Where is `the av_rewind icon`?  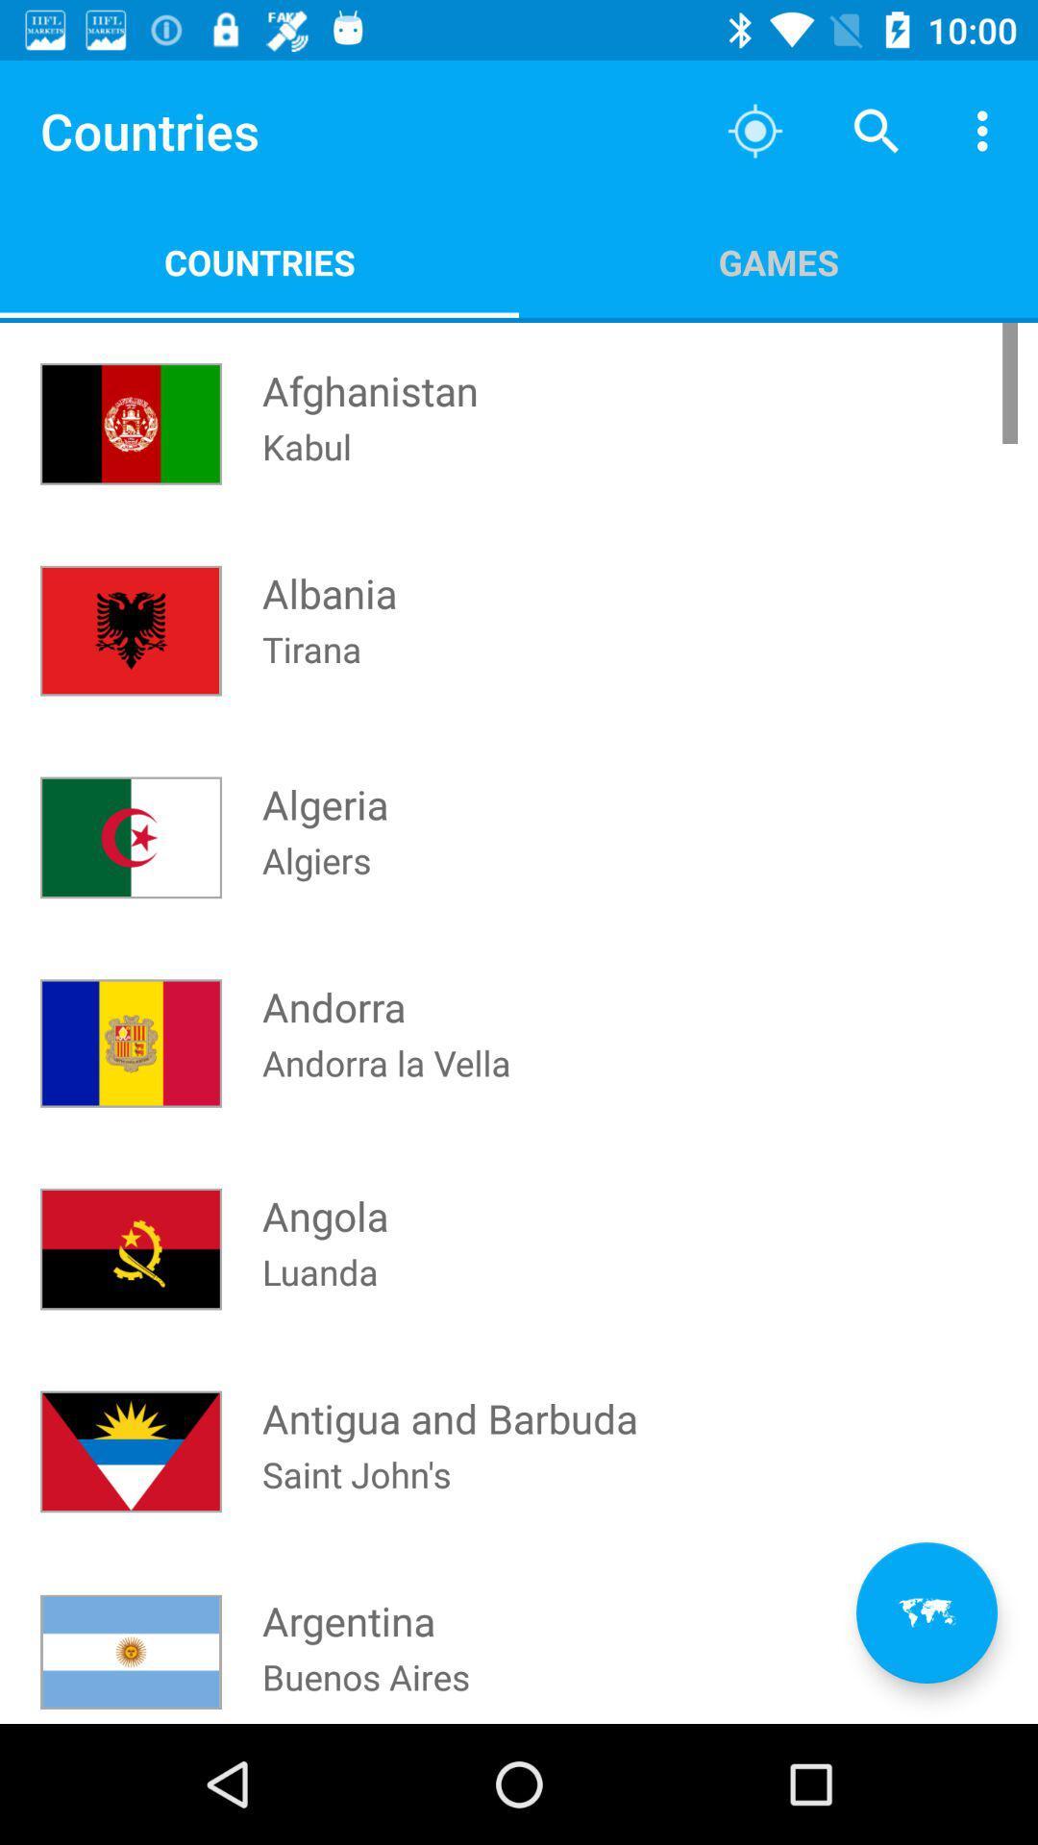
the av_rewind icon is located at coordinates (926, 1612).